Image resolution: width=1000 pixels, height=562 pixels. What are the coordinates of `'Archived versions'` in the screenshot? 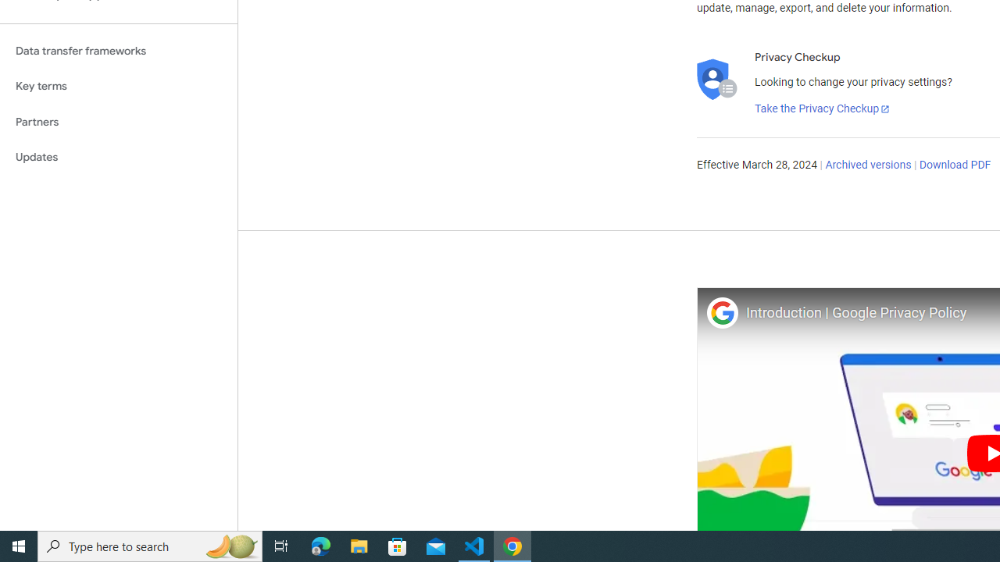 It's located at (867, 165).